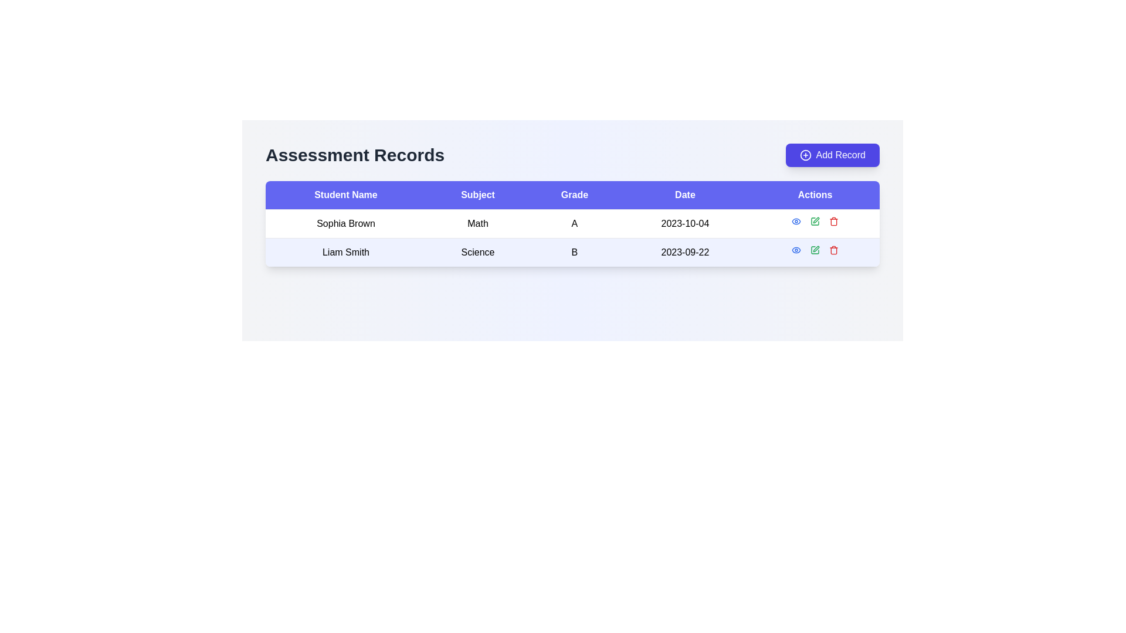  I want to click on the static text label displaying the grade 'A' in the third column of the first row of the table, located under the 'Grade' header, so click(574, 223).